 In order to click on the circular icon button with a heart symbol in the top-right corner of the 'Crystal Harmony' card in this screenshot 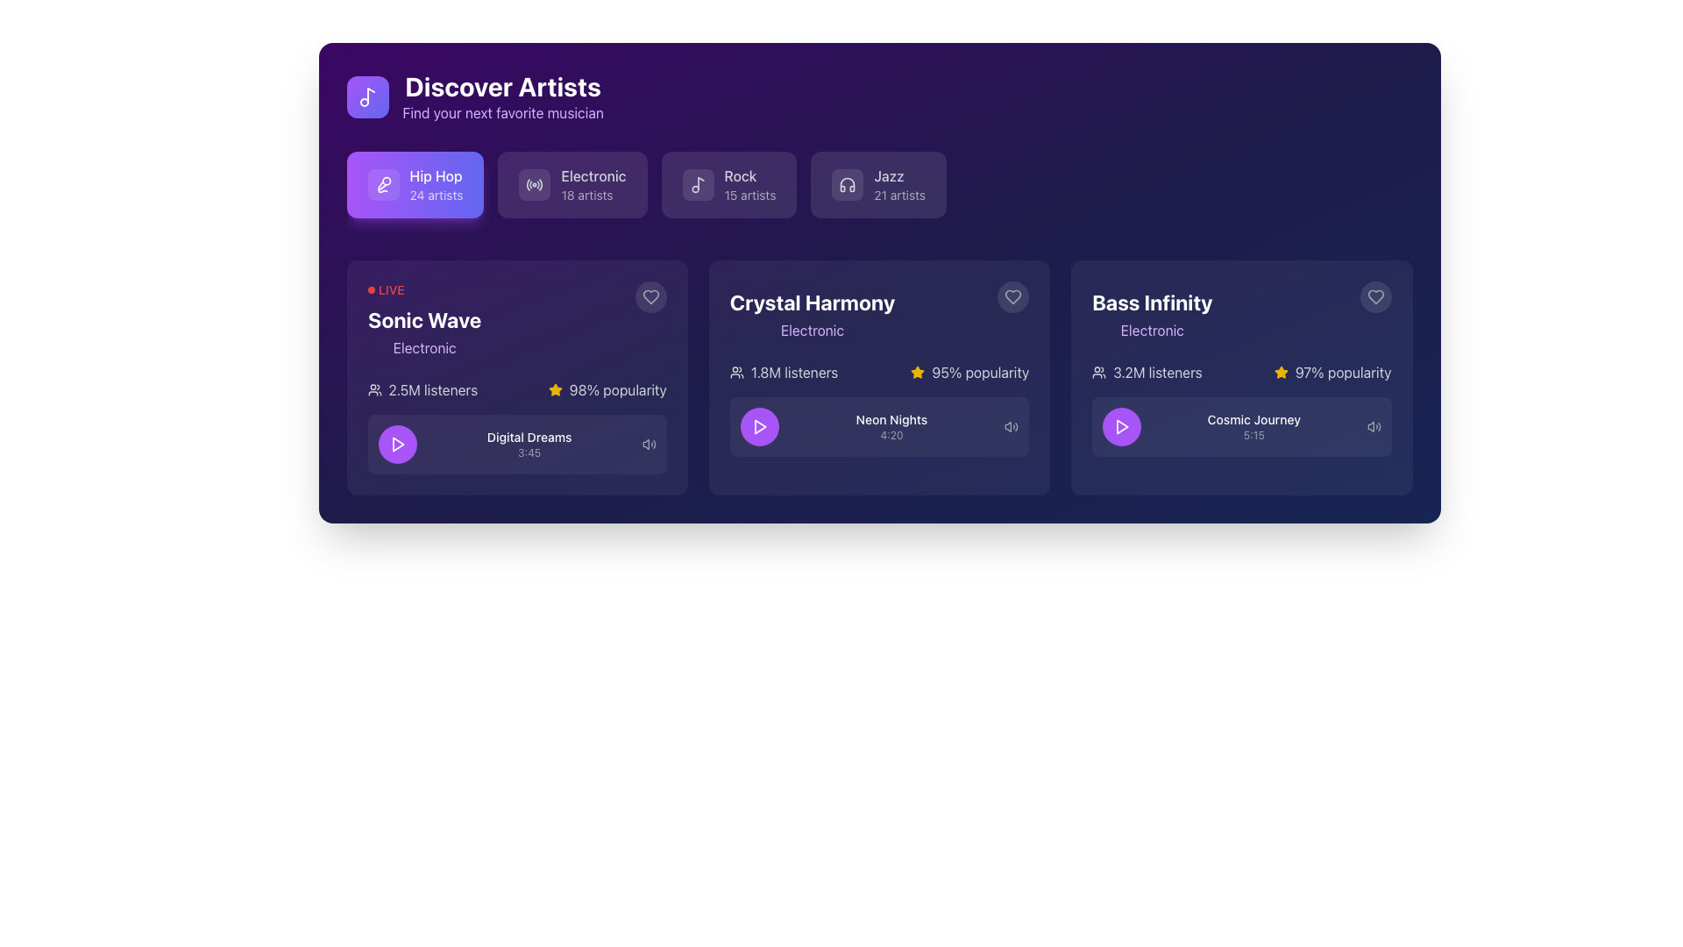, I will do `click(1013, 296)`.